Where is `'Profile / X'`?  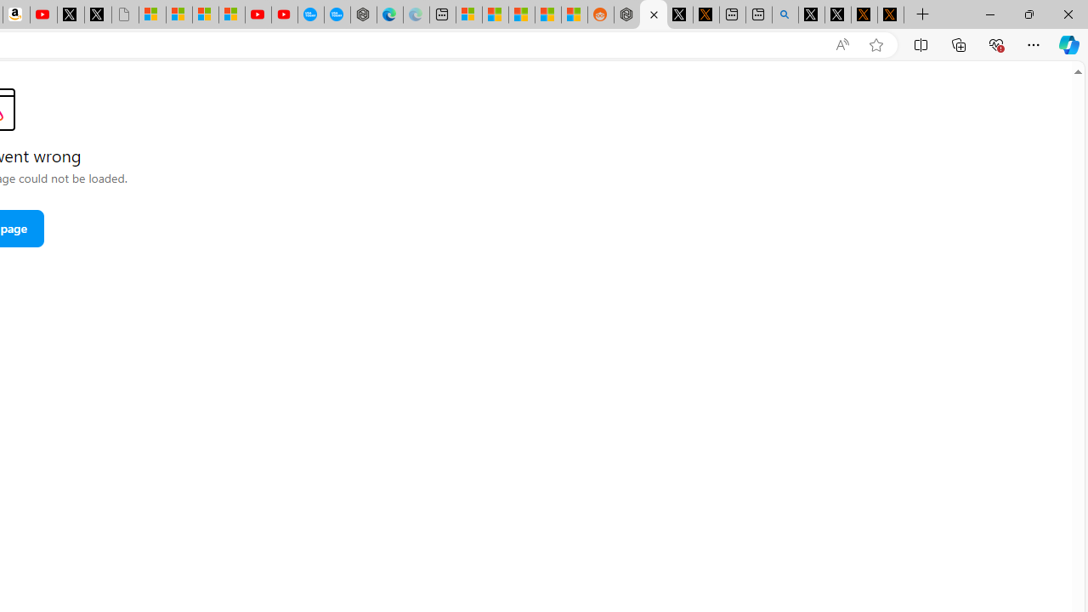
'Profile / X' is located at coordinates (810, 14).